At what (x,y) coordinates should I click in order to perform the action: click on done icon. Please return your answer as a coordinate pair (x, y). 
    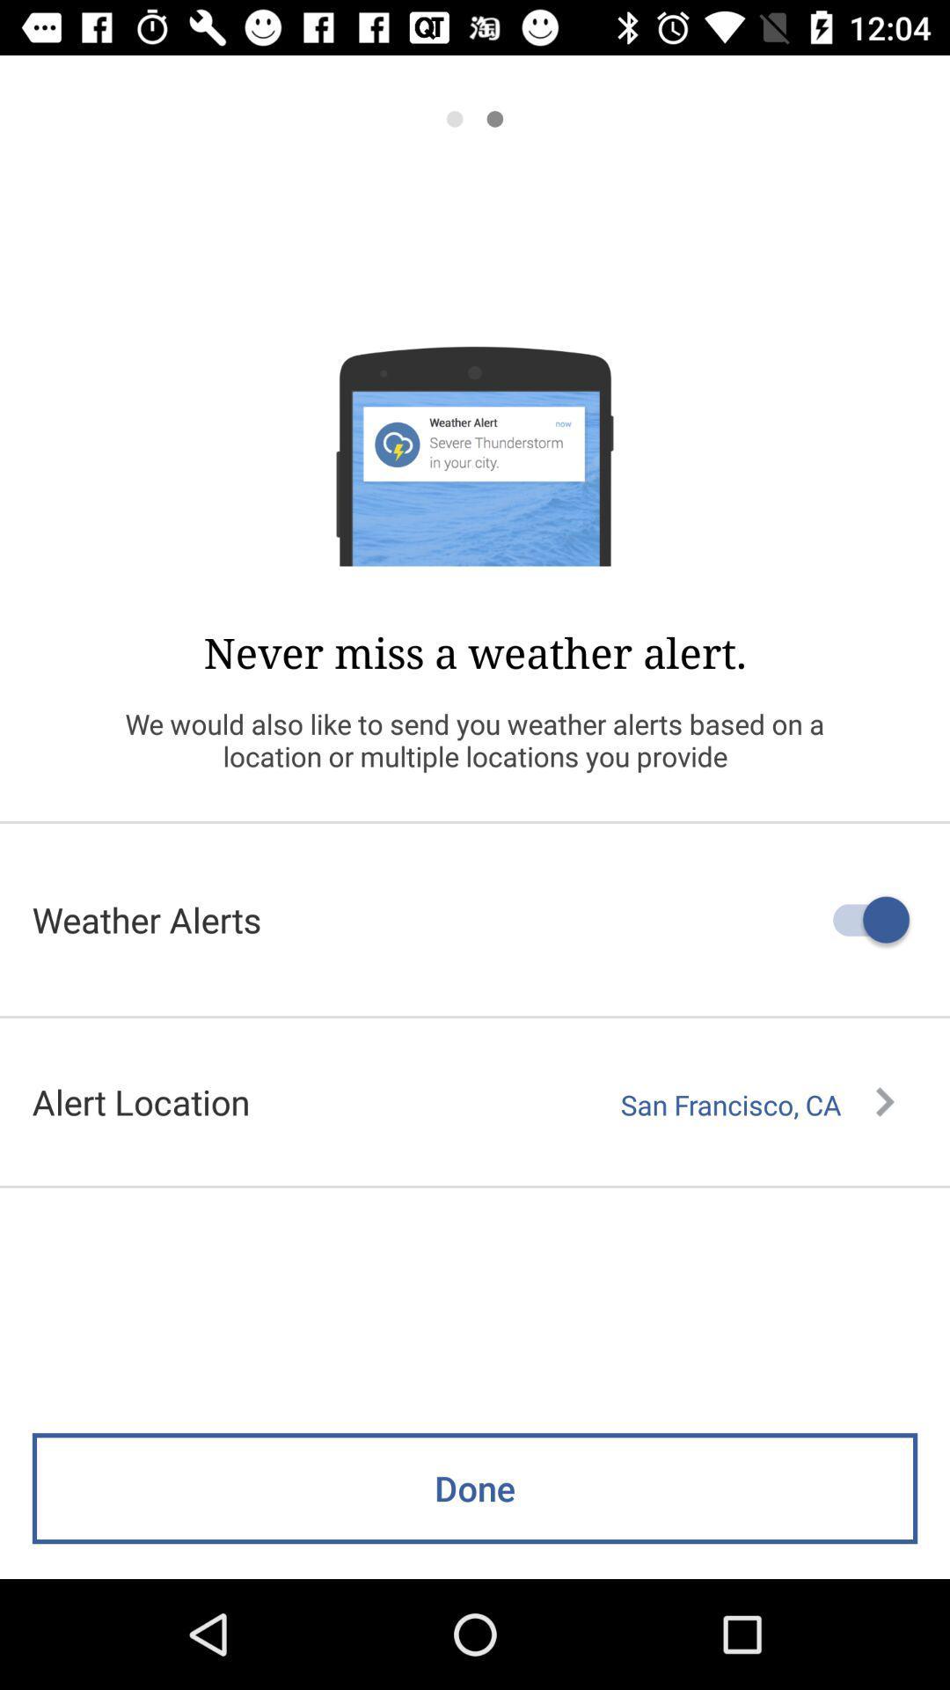
    Looking at the image, I should click on (475, 1488).